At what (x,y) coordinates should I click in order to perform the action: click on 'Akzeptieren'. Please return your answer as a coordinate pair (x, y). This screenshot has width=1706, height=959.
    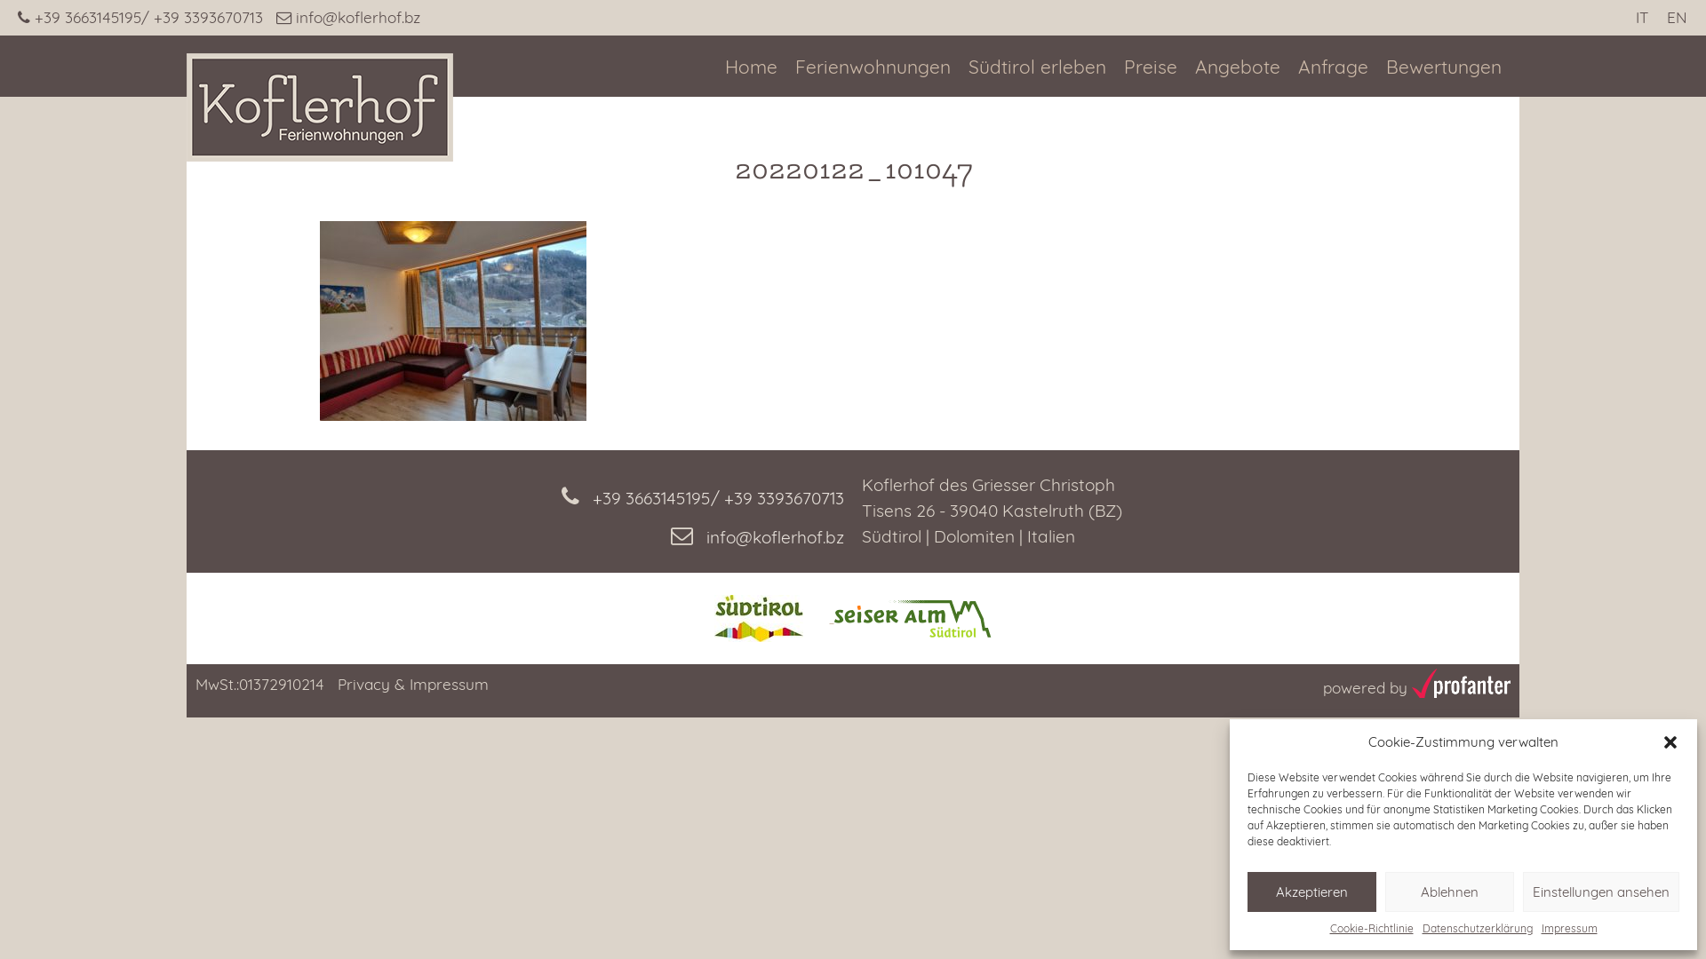
    Looking at the image, I should click on (1311, 892).